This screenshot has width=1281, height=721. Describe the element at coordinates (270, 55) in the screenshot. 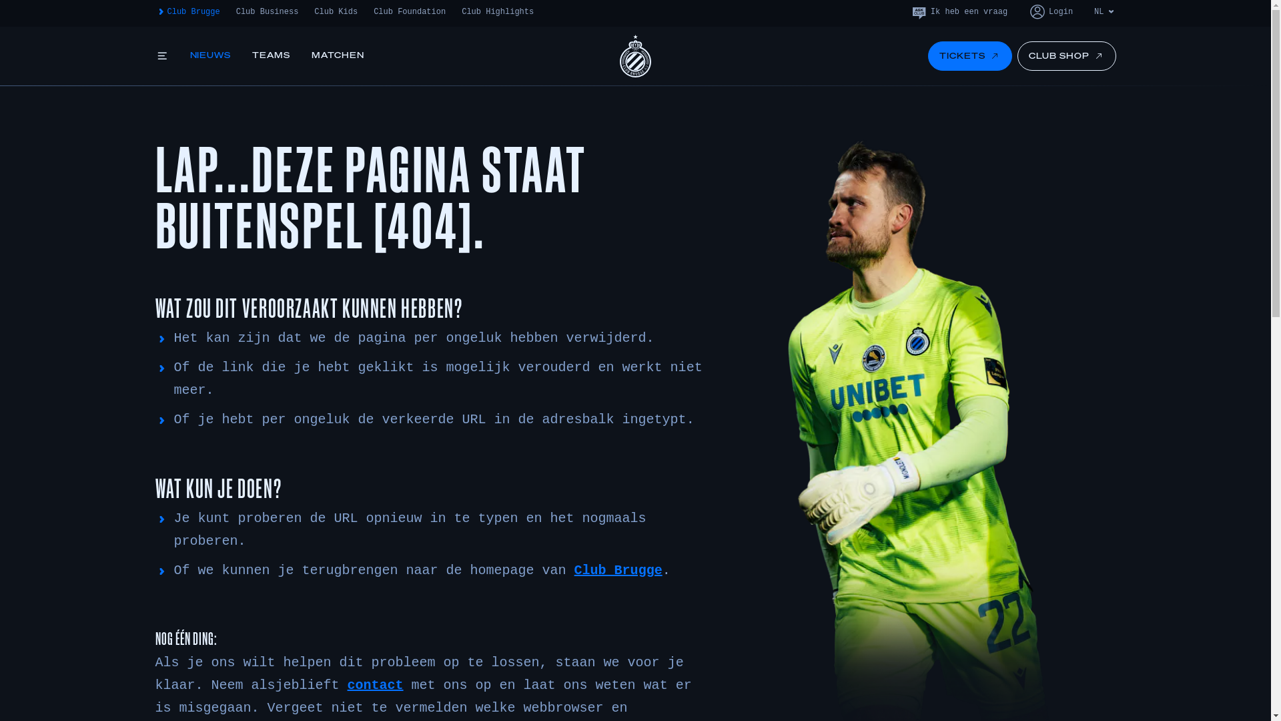

I see `'TEAMS'` at that location.